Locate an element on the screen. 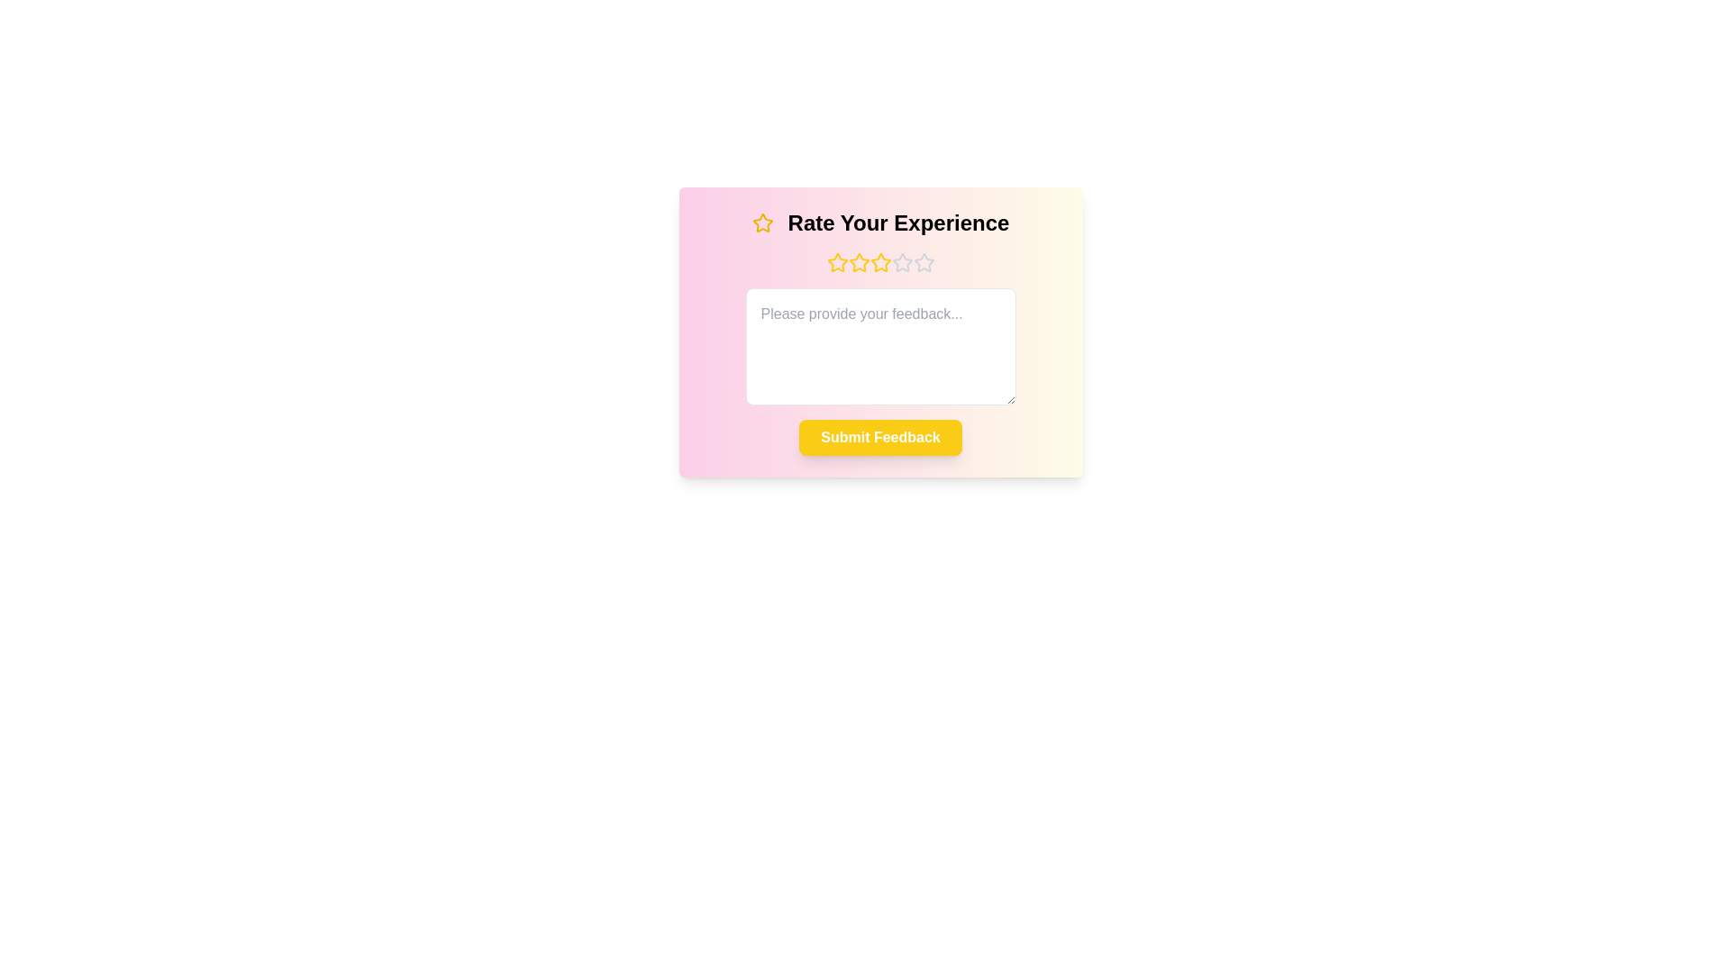 The width and height of the screenshot is (1730, 973). the rating to 4 stars by clicking on the corresponding star is located at coordinates (902, 263).